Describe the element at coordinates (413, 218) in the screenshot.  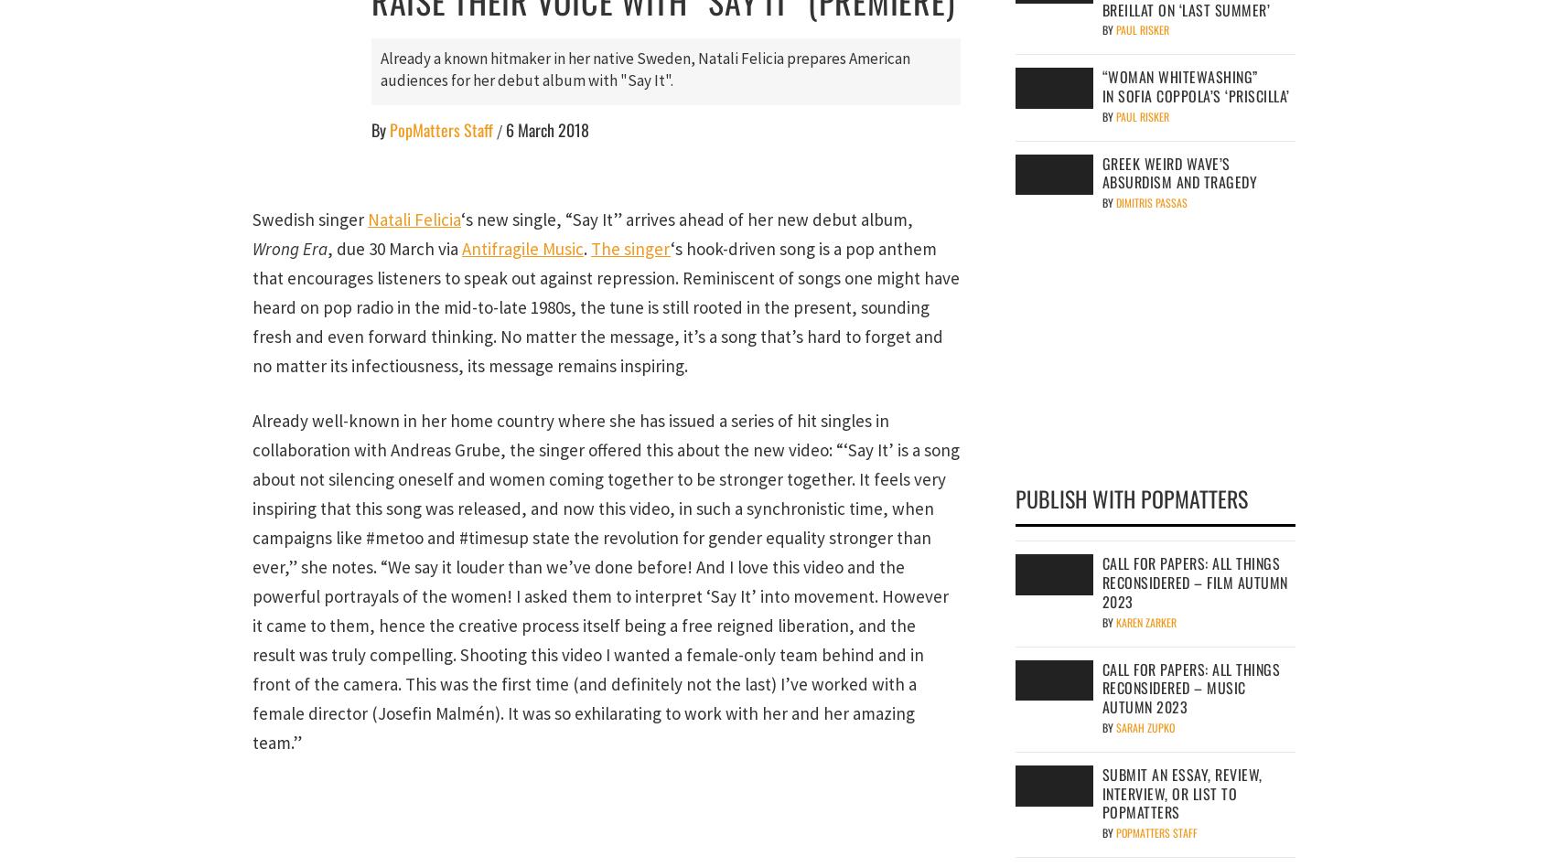
I see `'Natali Felicia'` at that location.